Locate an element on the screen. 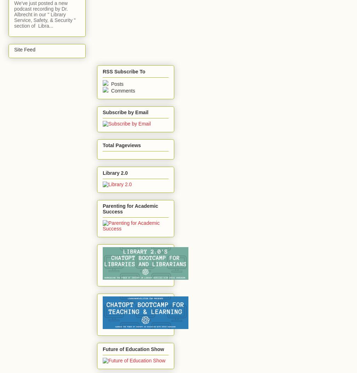  'Comments' is located at coordinates (109, 90).